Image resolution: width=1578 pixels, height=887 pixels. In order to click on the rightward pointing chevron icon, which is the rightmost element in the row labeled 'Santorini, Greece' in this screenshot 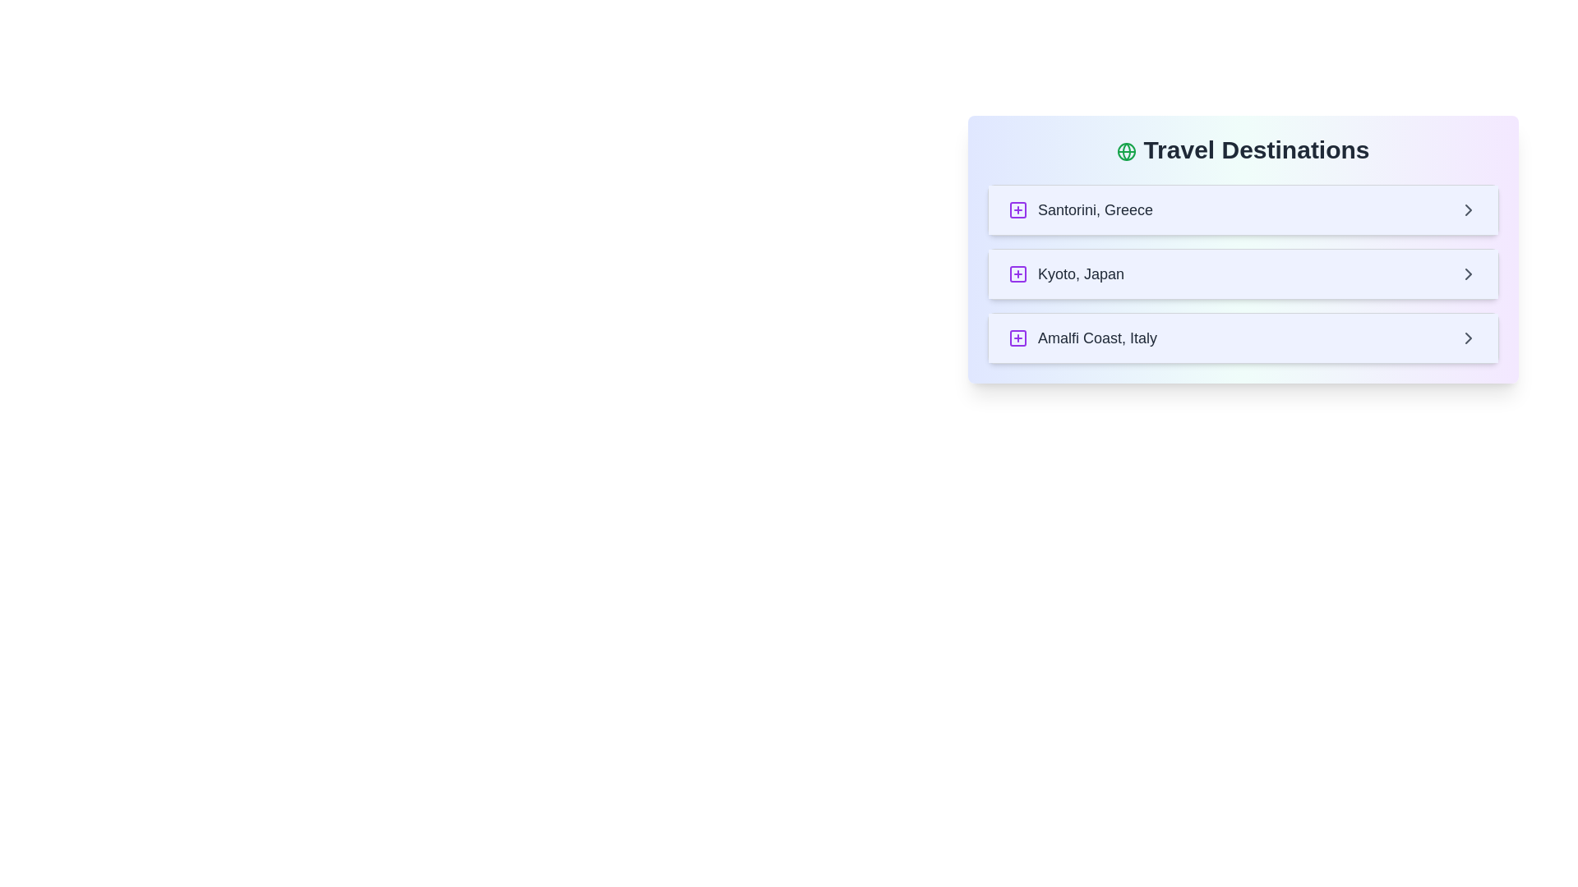, I will do `click(1468, 209)`.